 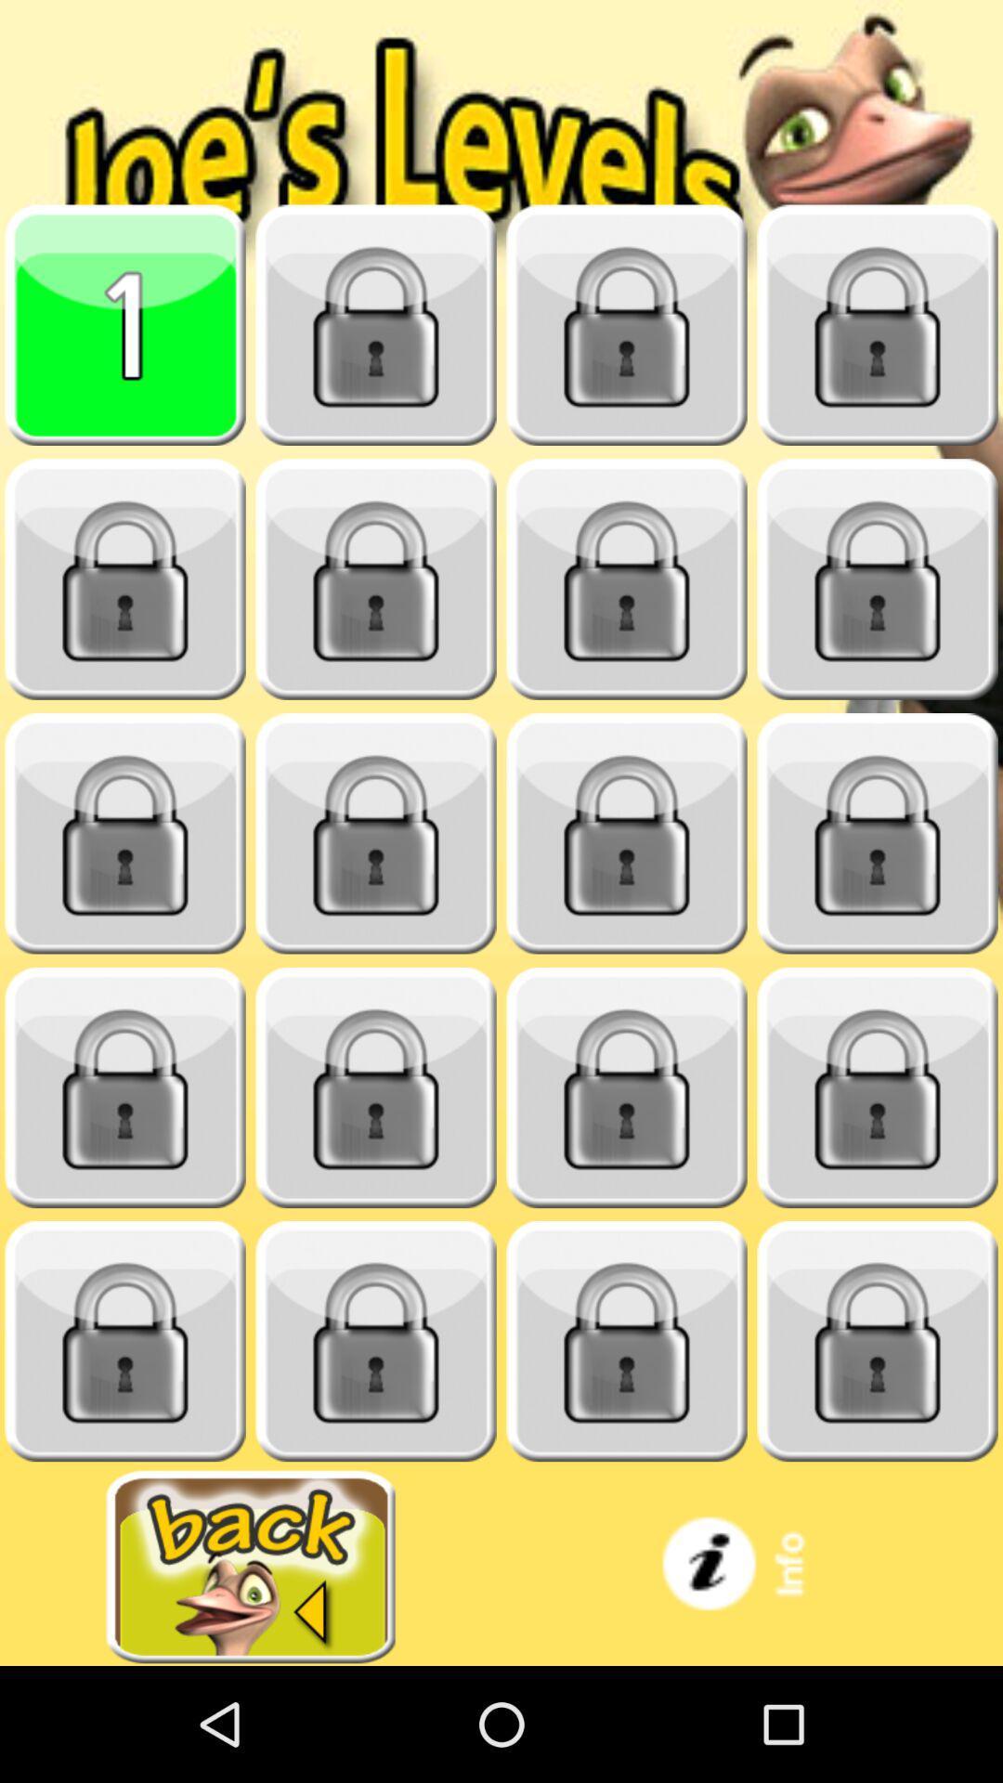 What do you see at coordinates (251, 1566) in the screenshot?
I see `back button` at bounding box center [251, 1566].